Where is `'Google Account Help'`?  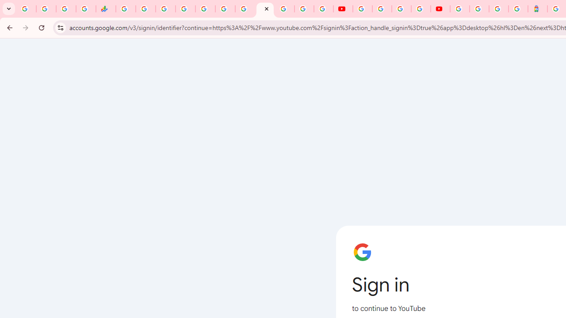 'Google Account Help' is located at coordinates (382, 9).